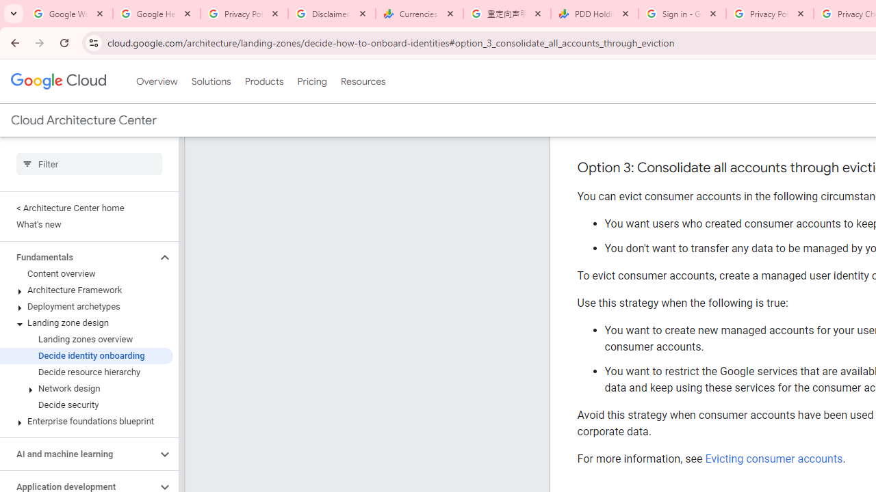 The width and height of the screenshot is (876, 492). What do you see at coordinates (86, 355) in the screenshot?
I see `'Decide identity onboarding'` at bounding box center [86, 355].